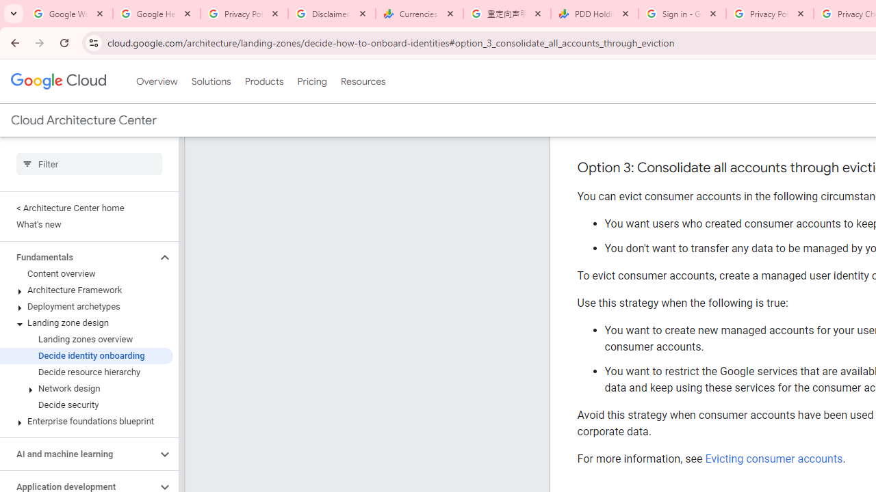 The width and height of the screenshot is (876, 492). What do you see at coordinates (86, 355) in the screenshot?
I see `'Decide identity onboarding'` at bounding box center [86, 355].